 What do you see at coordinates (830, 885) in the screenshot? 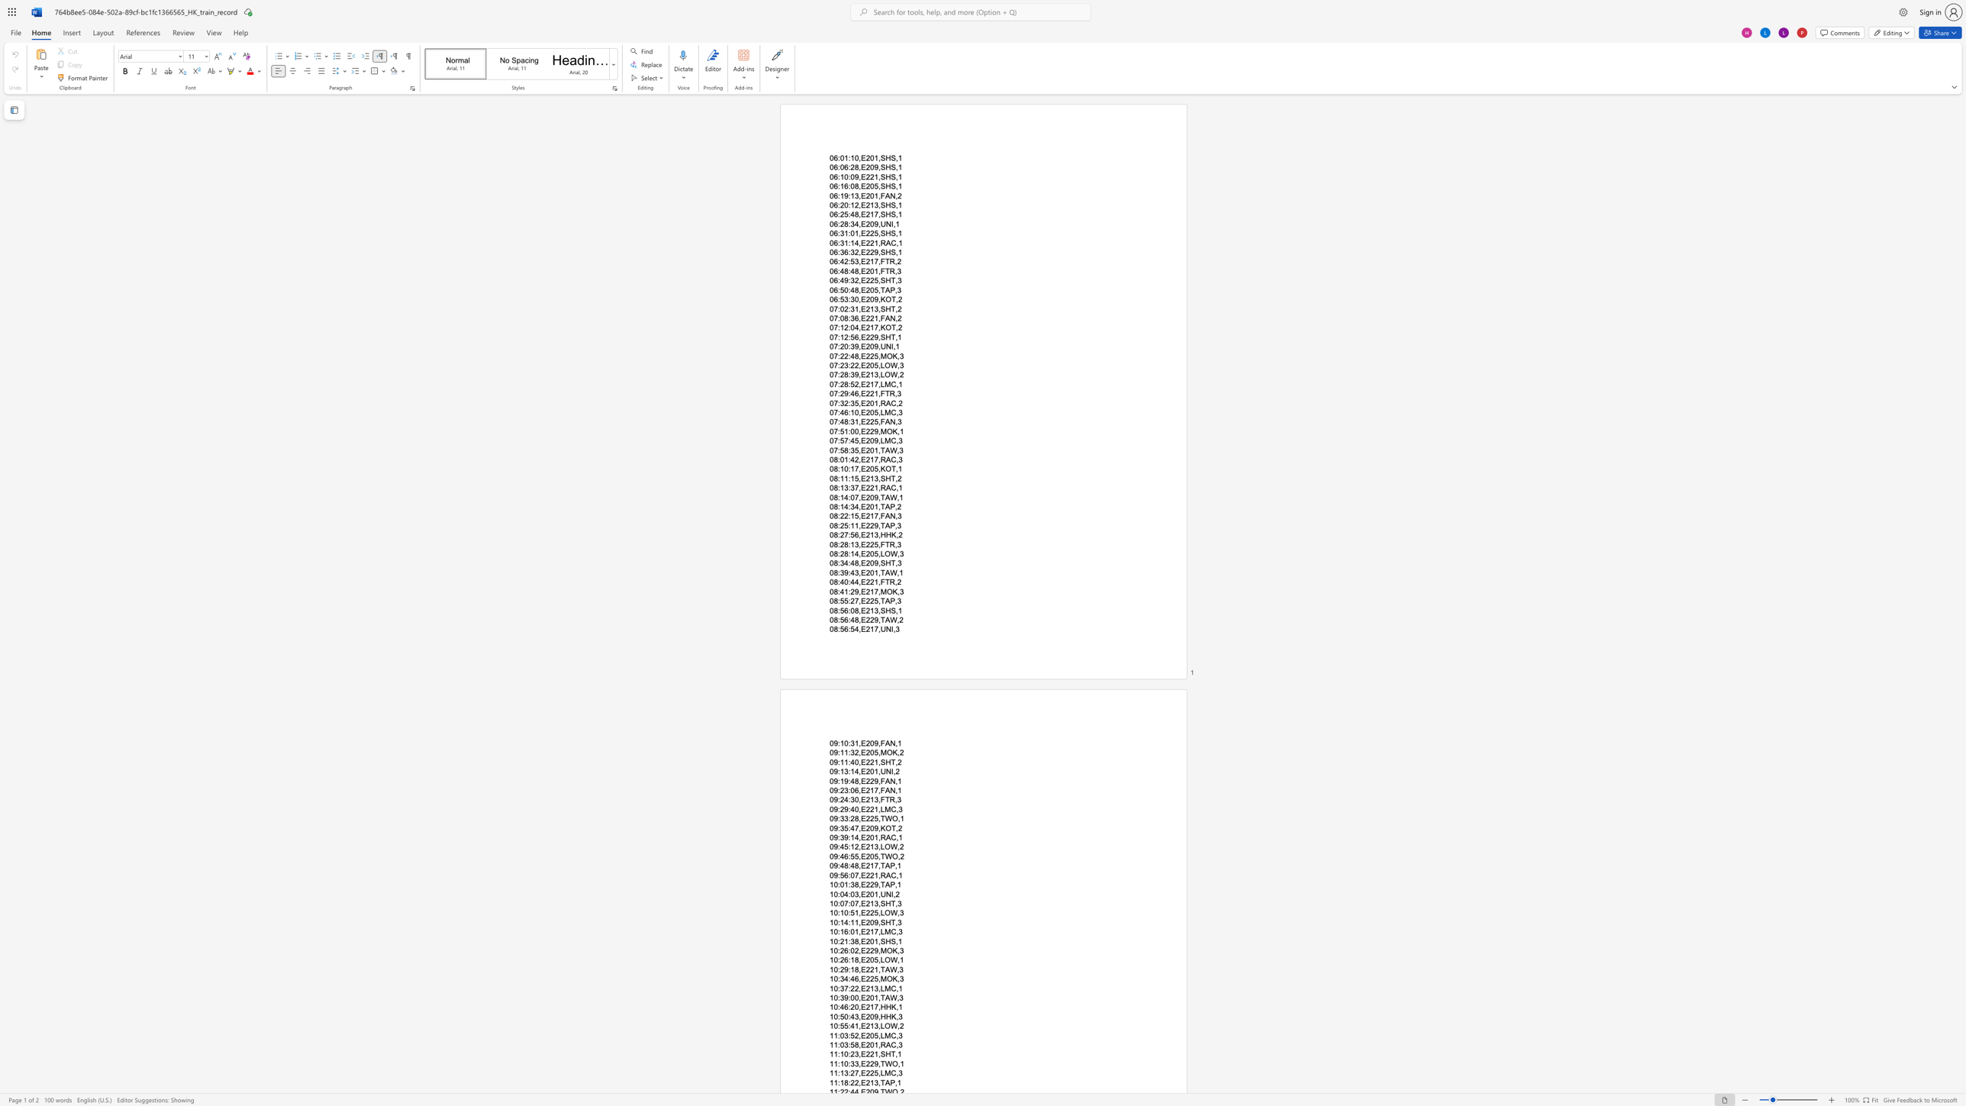
I see `the subset text "10:01:38,E" within the text "10:01:38,E229,TAP,1"` at bounding box center [830, 885].